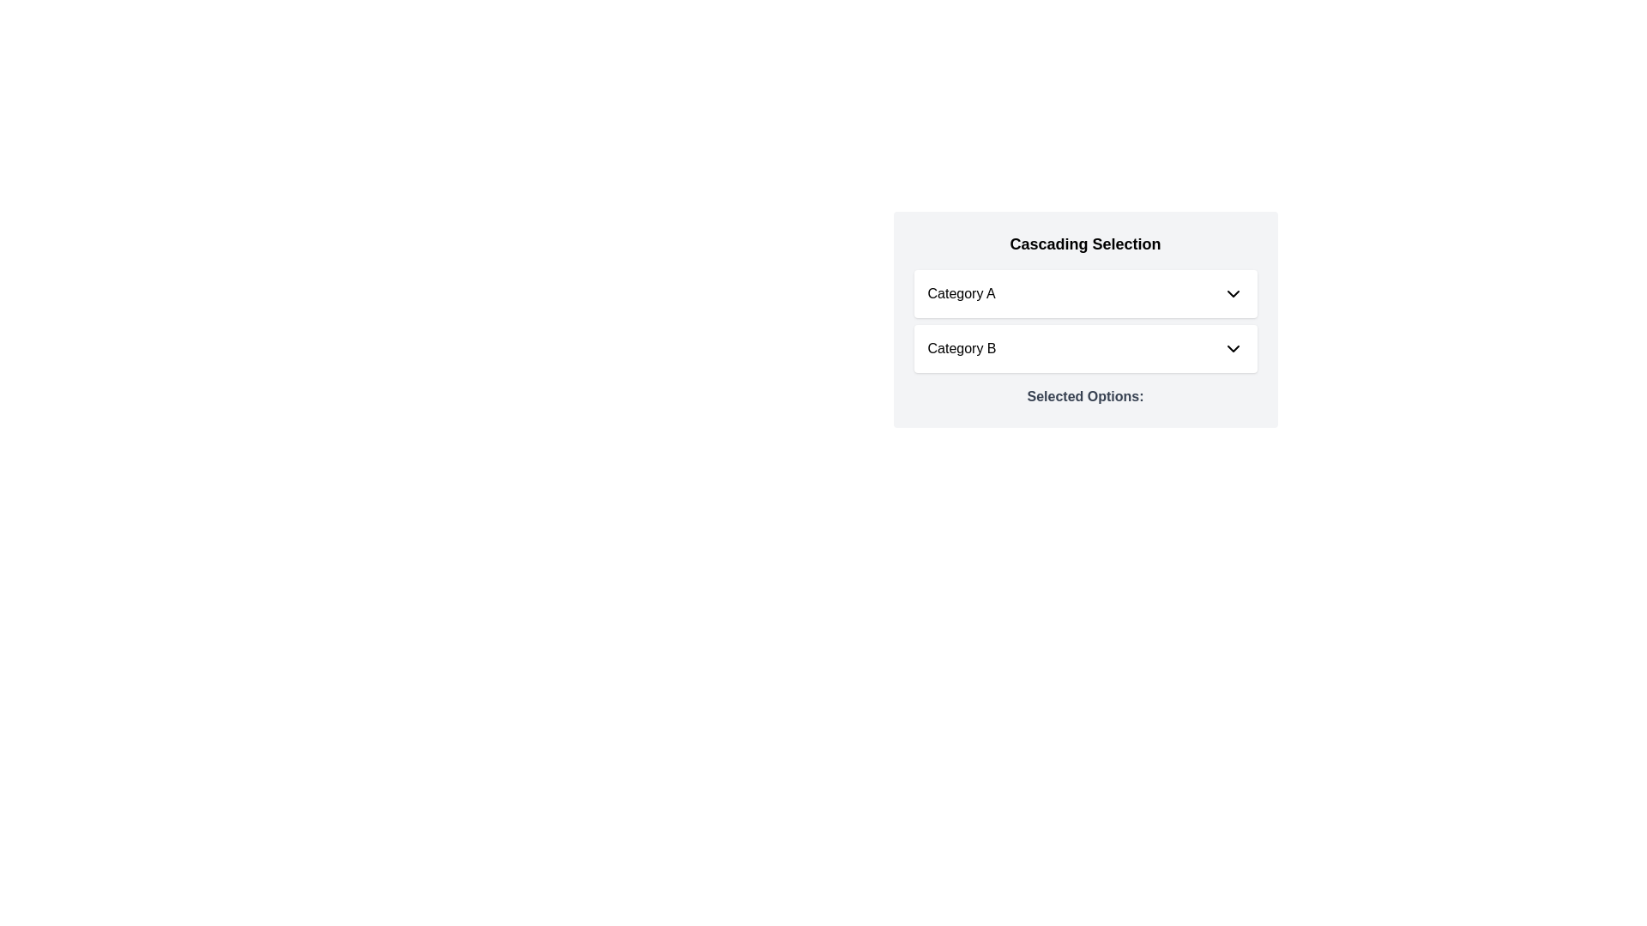 The height and width of the screenshot is (926, 1647). What do you see at coordinates (962, 348) in the screenshot?
I see `the text label 'Category B'` at bounding box center [962, 348].